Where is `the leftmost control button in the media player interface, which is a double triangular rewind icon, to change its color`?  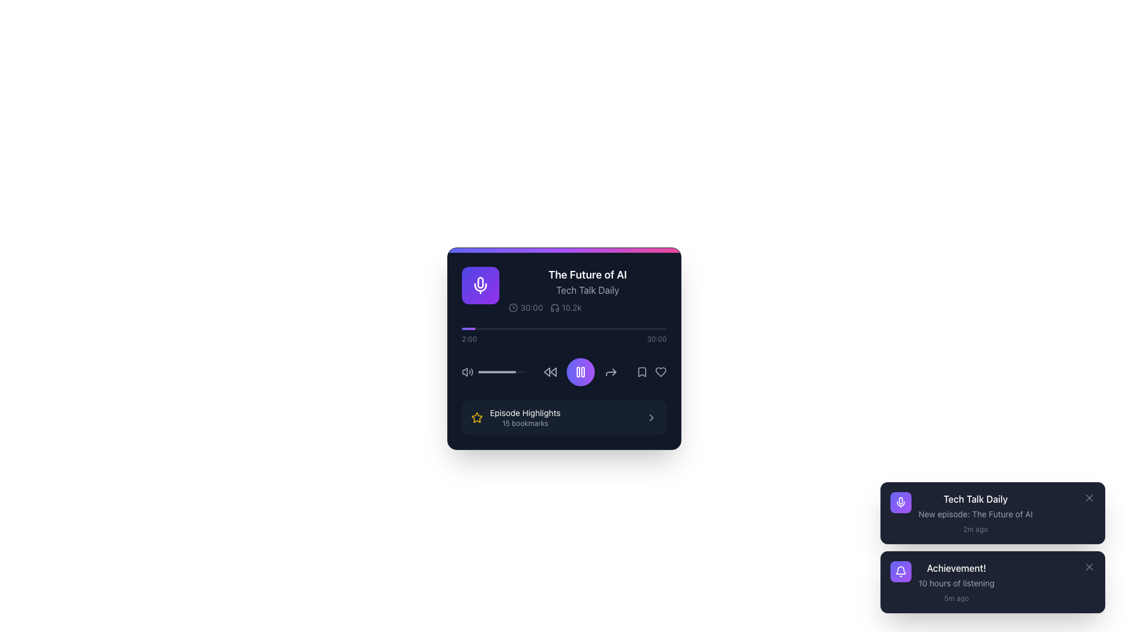 the leftmost control button in the media player interface, which is a double triangular rewind icon, to change its color is located at coordinates (550, 372).